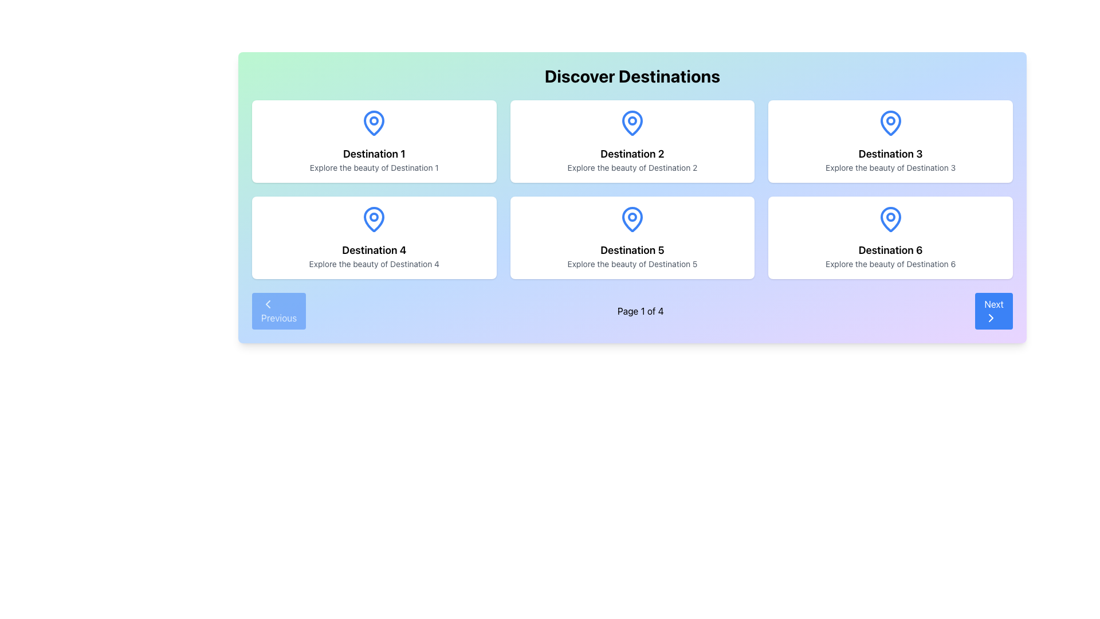  What do you see at coordinates (632, 168) in the screenshot?
I see `the text label that reads 'Explore the beauty of Destination 2', which is positioned directly beneath the title 'Destination 2' in the center of the middle card in the first row of a grid layout` at bounding box center [632, 168].